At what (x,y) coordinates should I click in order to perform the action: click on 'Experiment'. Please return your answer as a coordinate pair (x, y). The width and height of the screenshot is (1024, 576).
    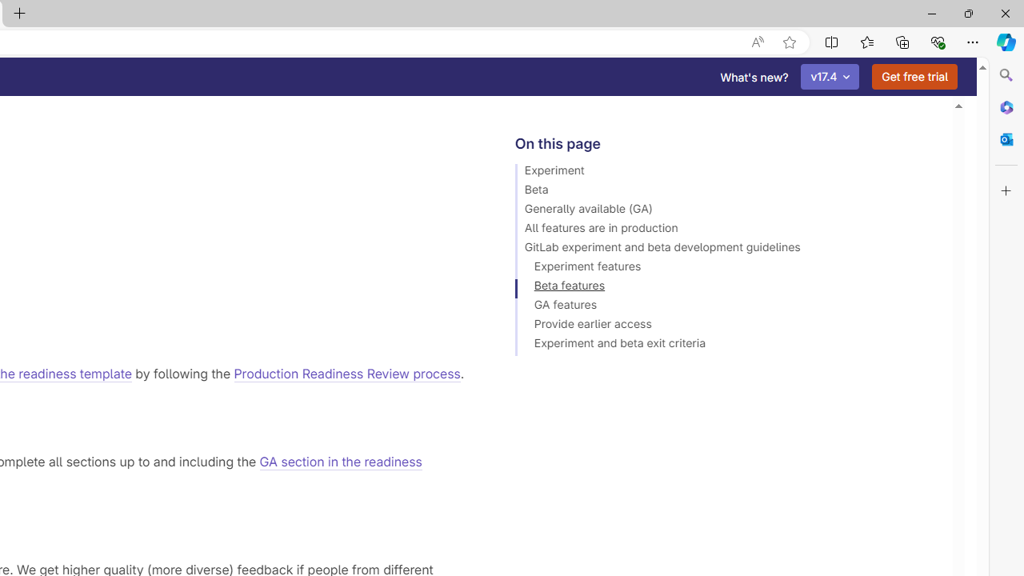
    Looking at the image, I should click on (726, 173).